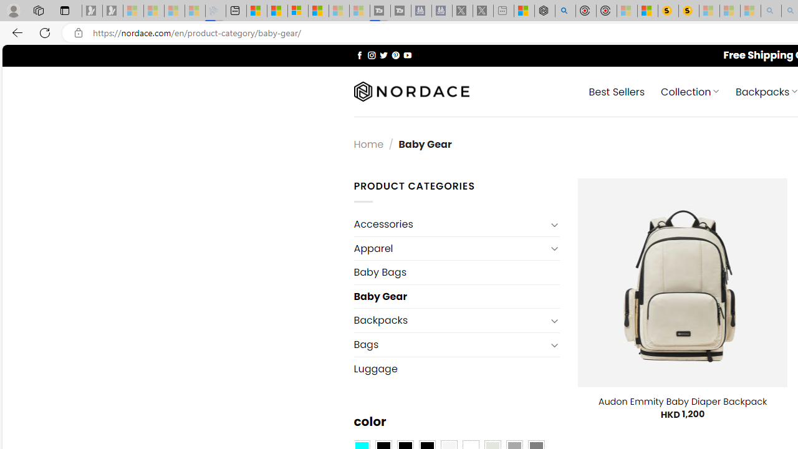 The width and height of the screenshot is (798, 449). I want to click on 'Accessories', so click(449, 224).